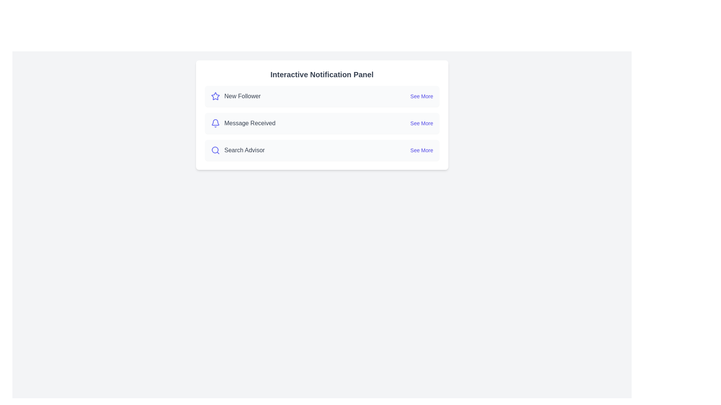  I want to click on the 'See More' hyperlink, which is an indigo text link located at the far right of the 'Message Received' notification, so click(422, 123).